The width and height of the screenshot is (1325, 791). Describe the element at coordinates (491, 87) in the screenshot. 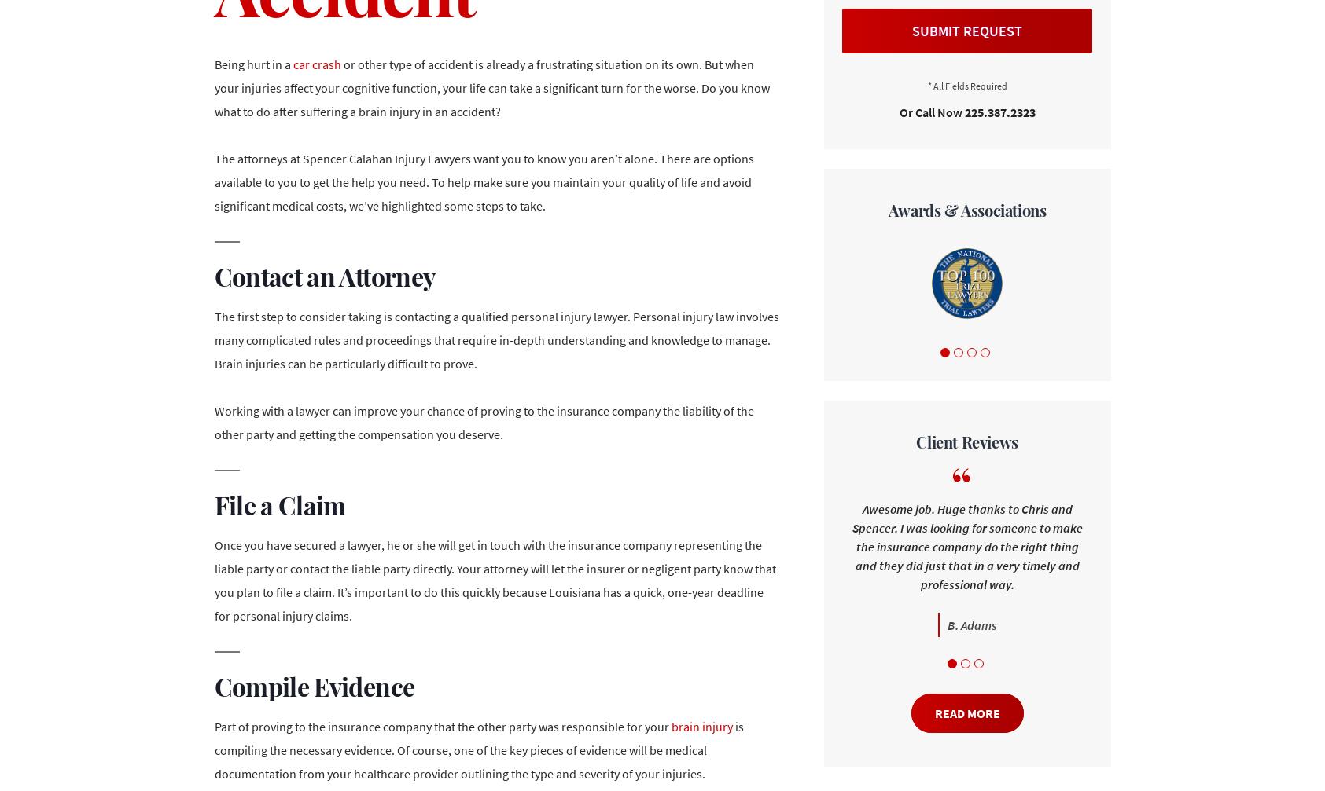

I see `'or other type of accident is already a frustrating situation on its own. But when your injuries affect your cognitive function, your life can take a significant turn for the worse. Do you know what to do after suffering a brain injury in an accident?'` at that location.